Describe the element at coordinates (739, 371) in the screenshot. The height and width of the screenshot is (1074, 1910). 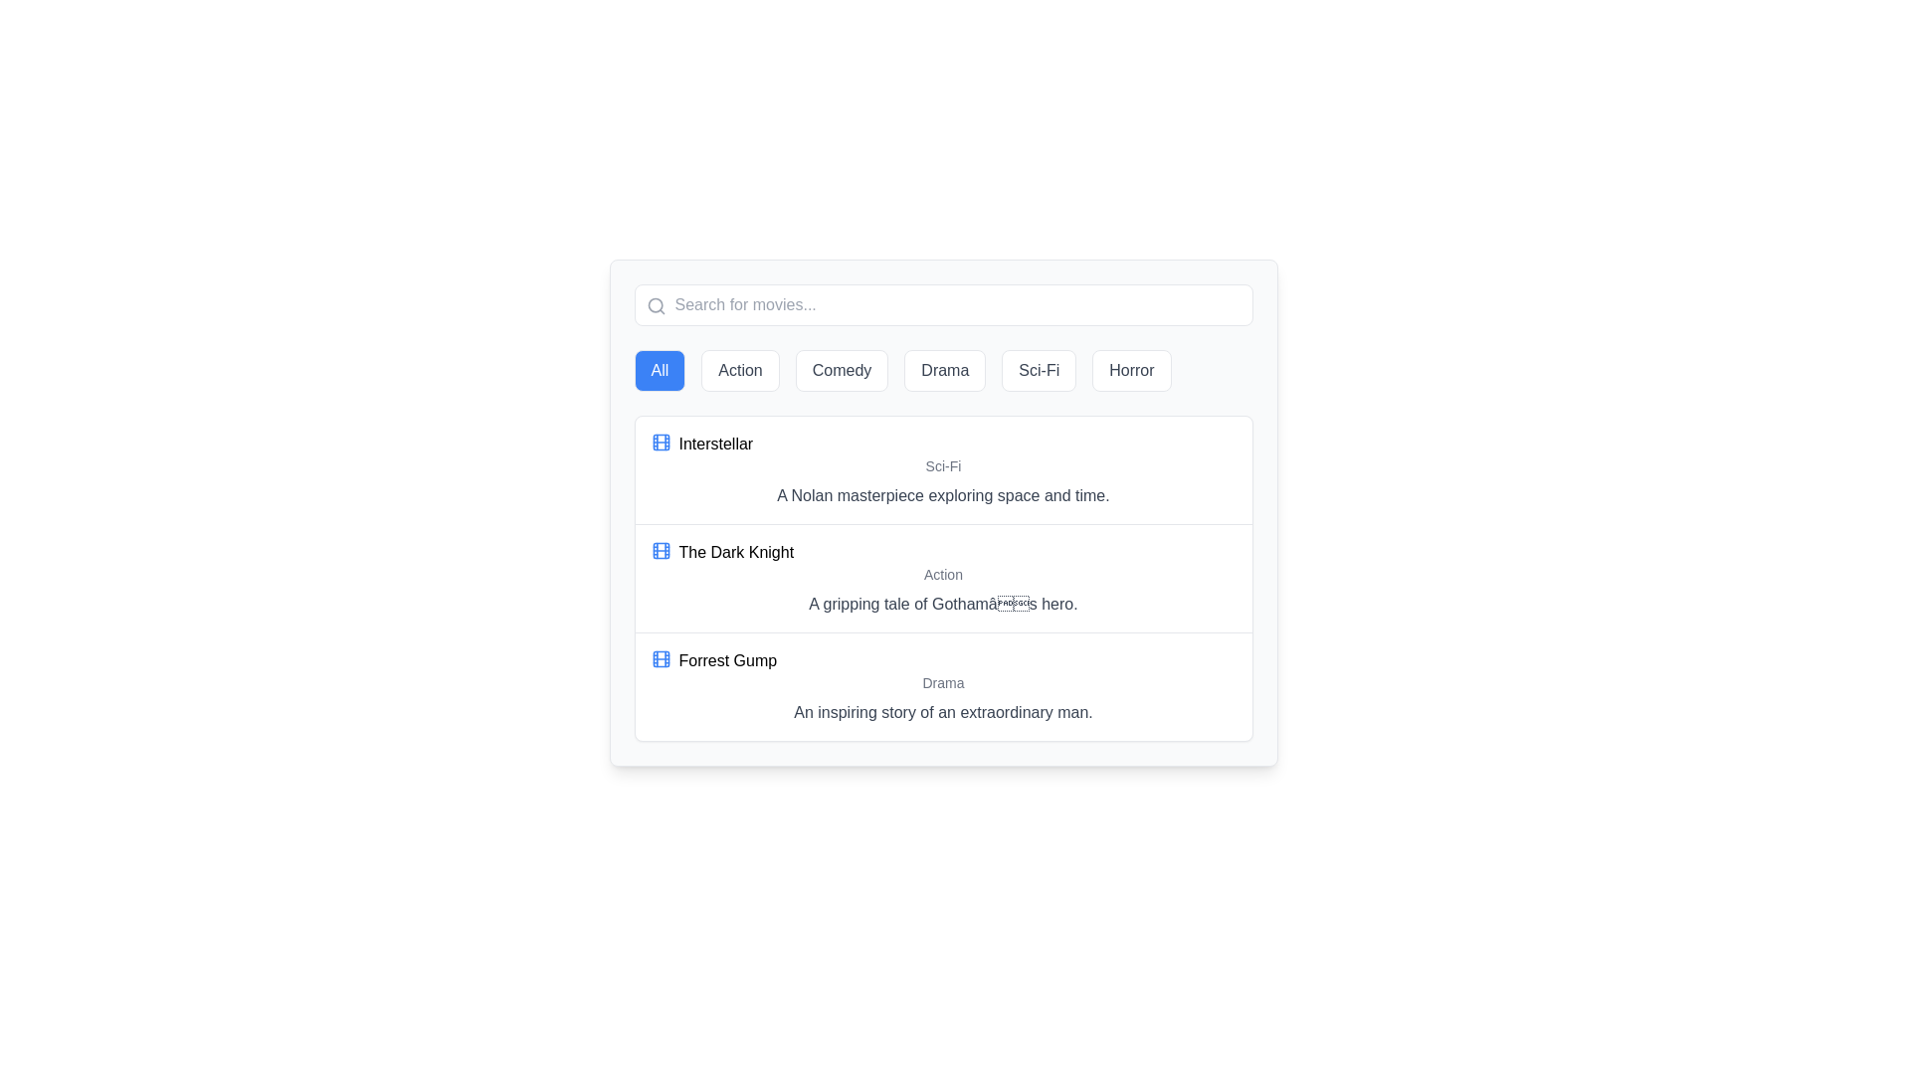
I see `the 'Action' button, which is a rectangular button with a white background and gray text, located in the navigation bar beneath the search bar` at that location.